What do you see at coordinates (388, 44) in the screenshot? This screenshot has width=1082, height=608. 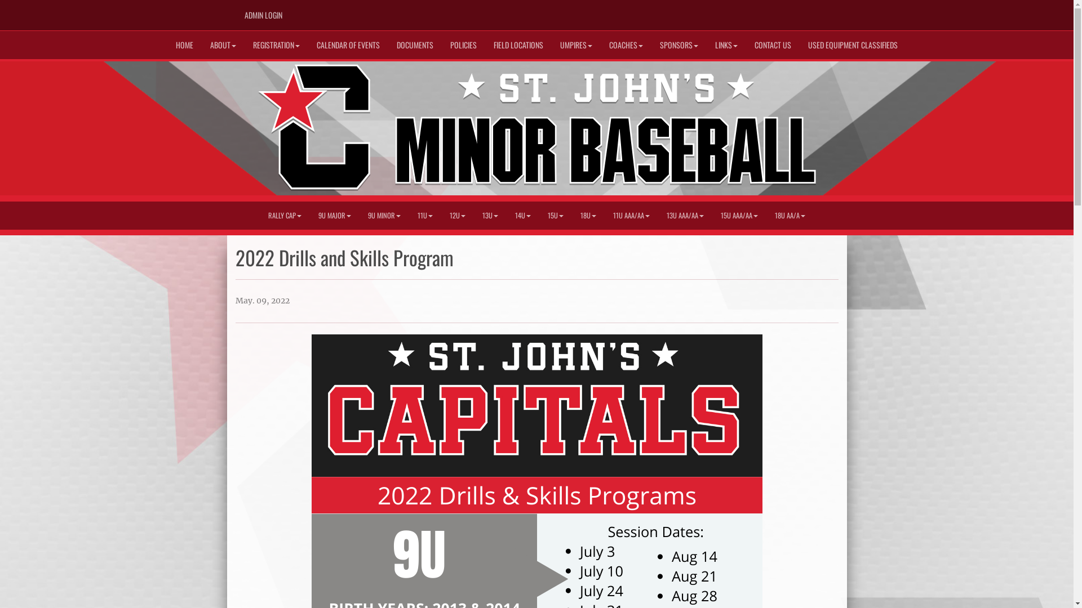 I see `'DOCUMENTS'` at bounding box center [388, 44].